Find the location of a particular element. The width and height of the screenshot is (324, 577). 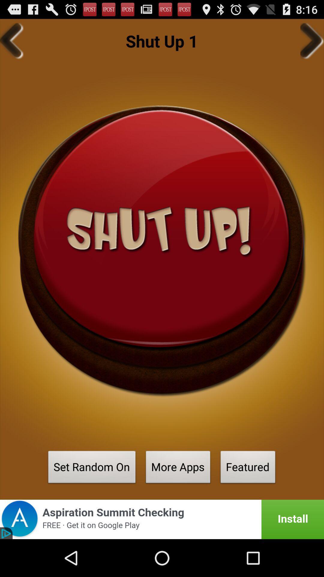

item at the top right corner is located at coordinates (312, 41).